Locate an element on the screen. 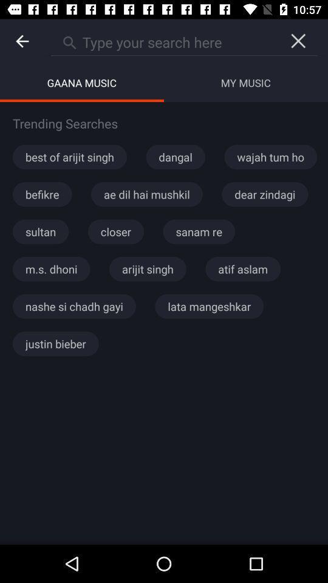 The width and height of the screenshot is (328, 583). m.s. dhoni is located at coordinates (50, 269).